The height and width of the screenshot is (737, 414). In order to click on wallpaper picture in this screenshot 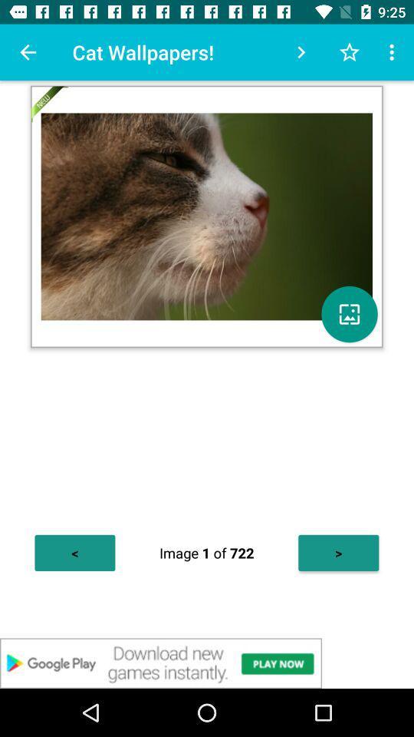, I will do `click(349, 313)`.